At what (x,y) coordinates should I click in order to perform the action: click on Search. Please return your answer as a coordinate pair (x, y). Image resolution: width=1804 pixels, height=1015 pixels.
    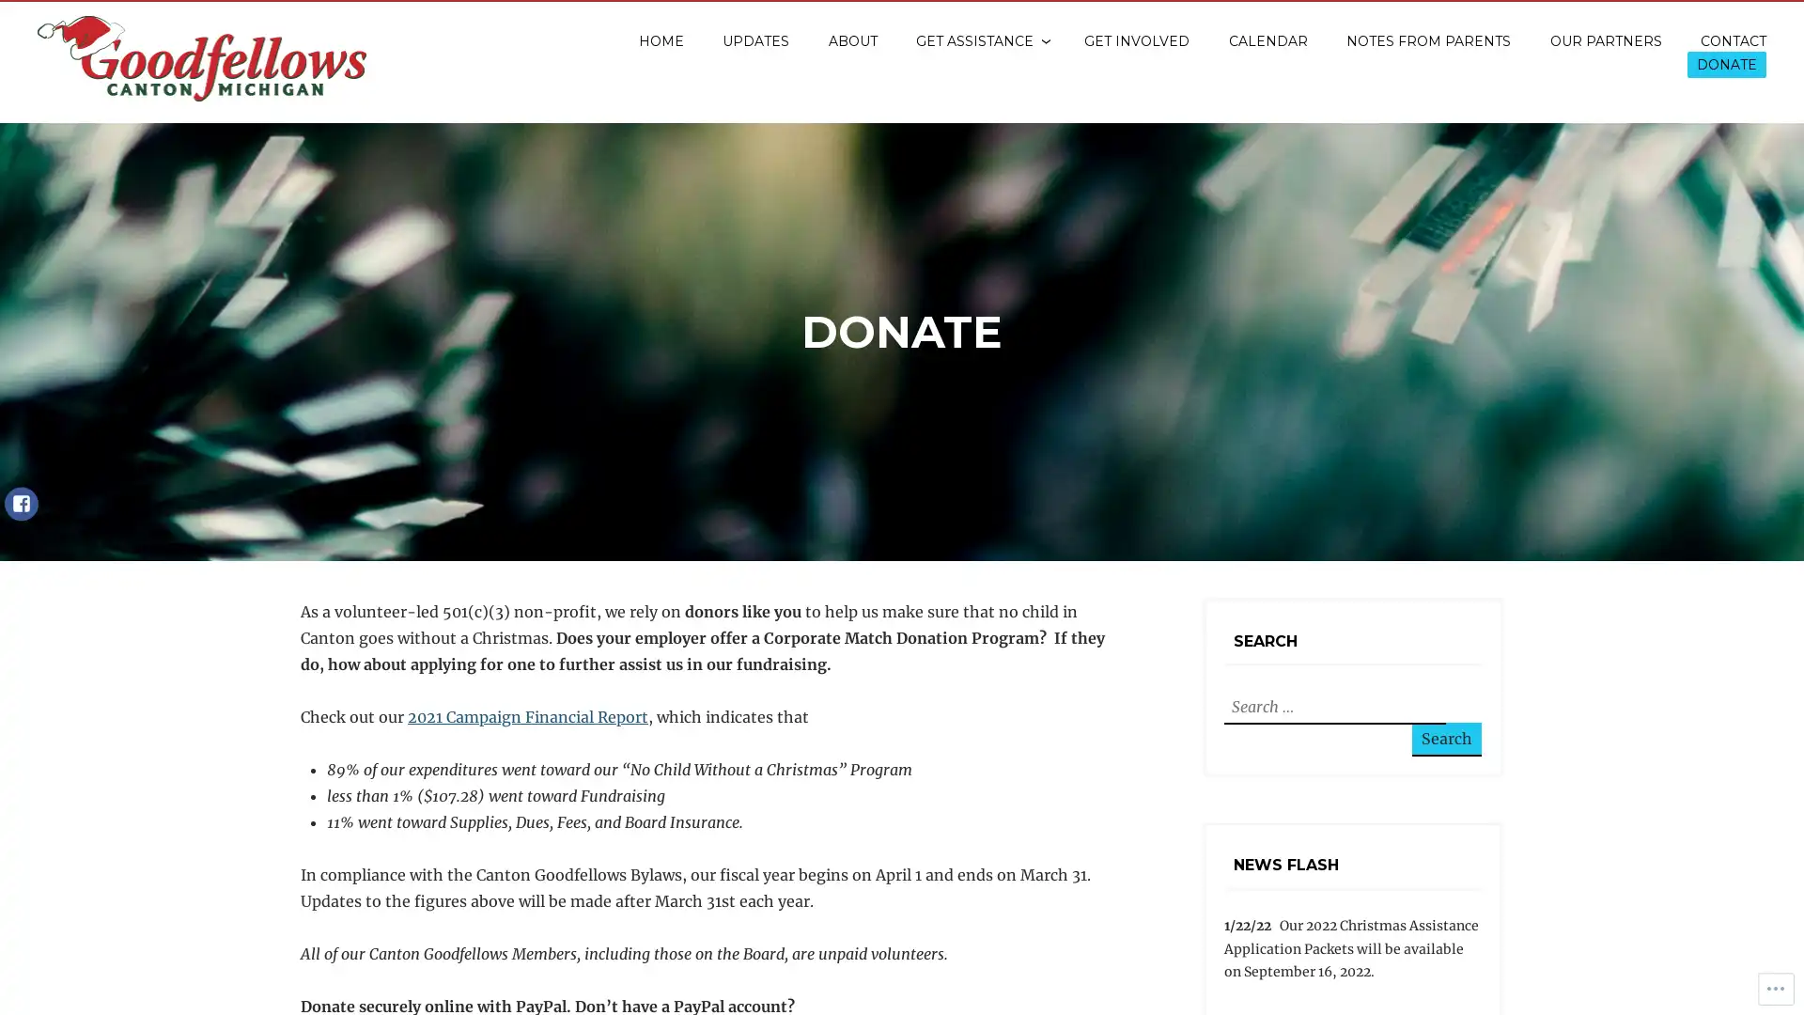
    Looking at the image, I should click on (1446, 738).